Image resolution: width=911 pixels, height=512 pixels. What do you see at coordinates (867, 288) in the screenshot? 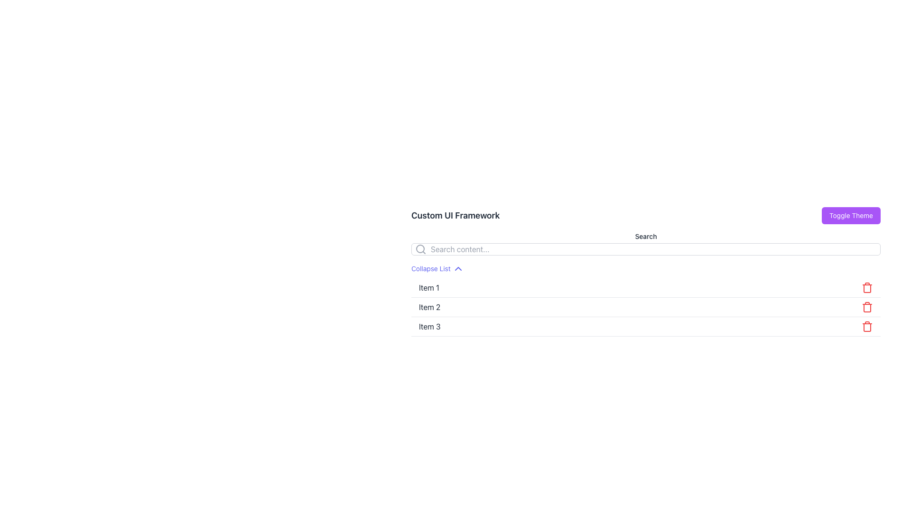
I see `the graphical representation of the trash can icon, which is used for deleting items in the list, located at the far-right side of the row` at bounding box center [867, 288].